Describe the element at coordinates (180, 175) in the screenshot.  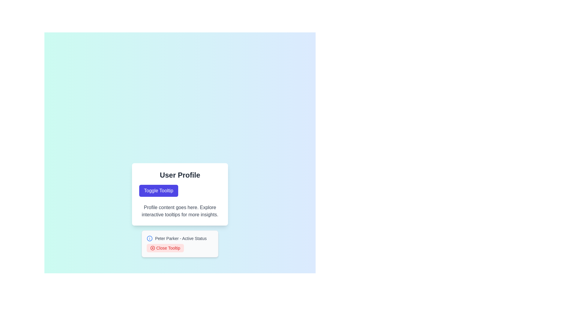
I see `header text for the user profile section, which is located at the top-center of the white, rounded rectangle containing the profile information` at that location.